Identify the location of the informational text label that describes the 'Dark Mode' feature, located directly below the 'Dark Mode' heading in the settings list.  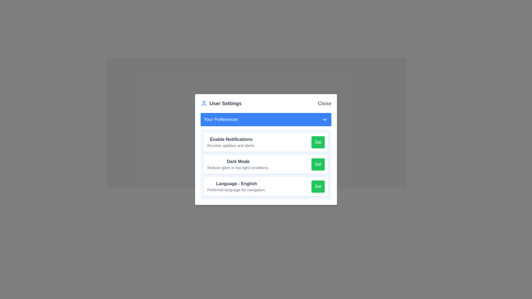
(238, 167).